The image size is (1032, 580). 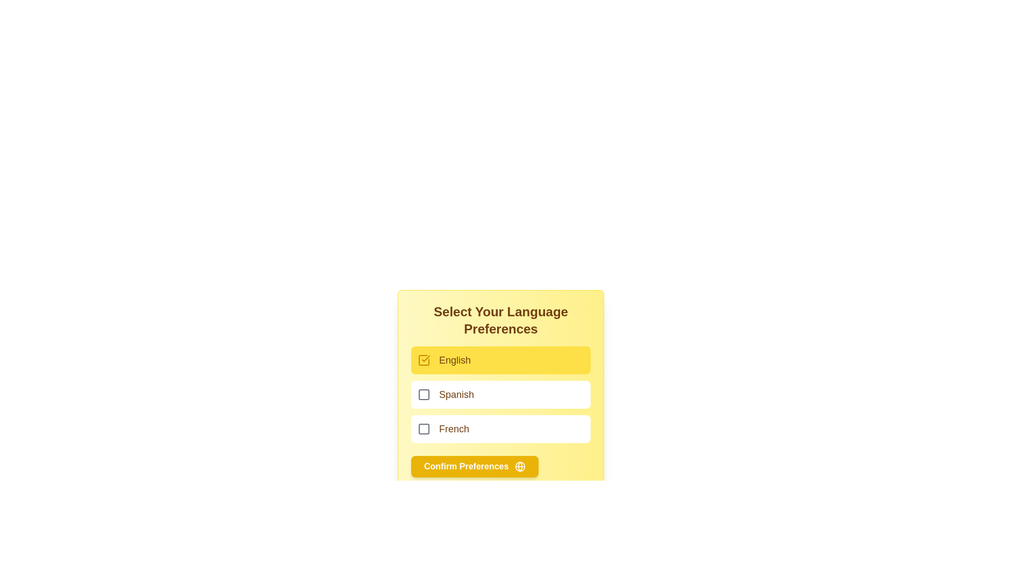 I want to click on the 'English' language preference checkbox, so click(x=423, y=360).